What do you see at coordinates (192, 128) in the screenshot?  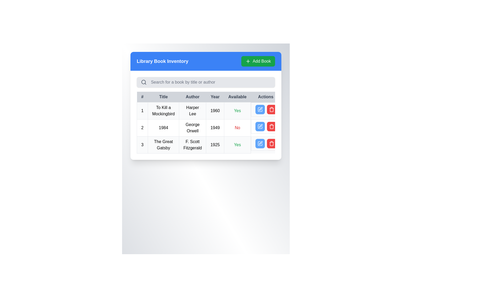 I see `text content from the Text display box in the 'Author' column of the second row of the table layout` at bounding box center [192, 128].